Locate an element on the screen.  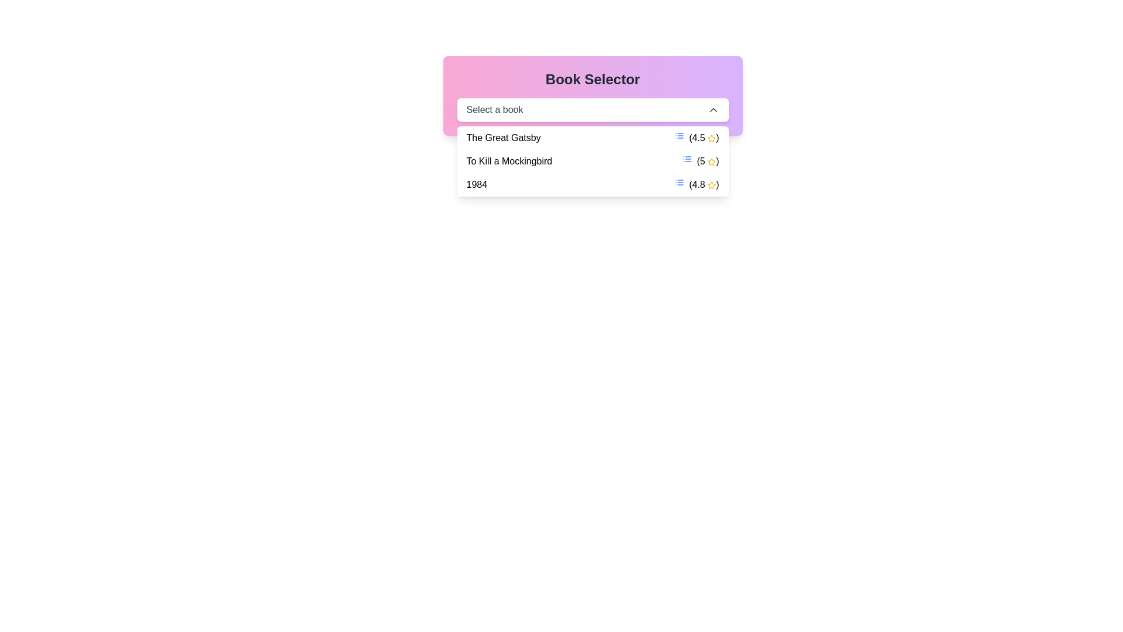
the rating display element for the book '1984' located in the third row of the dropdown list under 'Book Selector' is located at coordinates (703, 184).